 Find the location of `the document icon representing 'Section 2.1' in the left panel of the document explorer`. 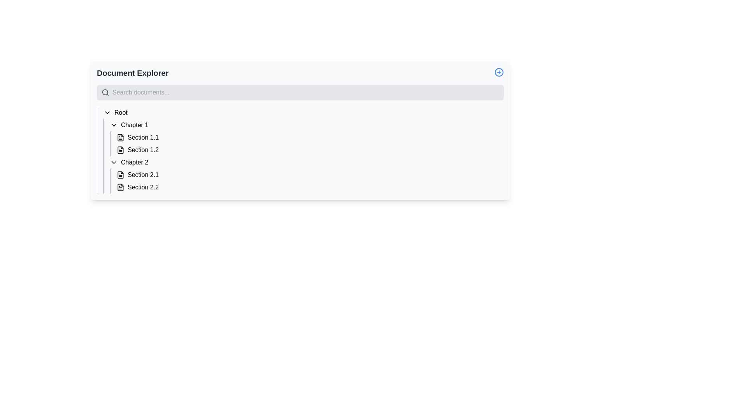

the document icon representing 'Section 2.1' in the left panel of the document explorer is located at coordinates (120, 175).